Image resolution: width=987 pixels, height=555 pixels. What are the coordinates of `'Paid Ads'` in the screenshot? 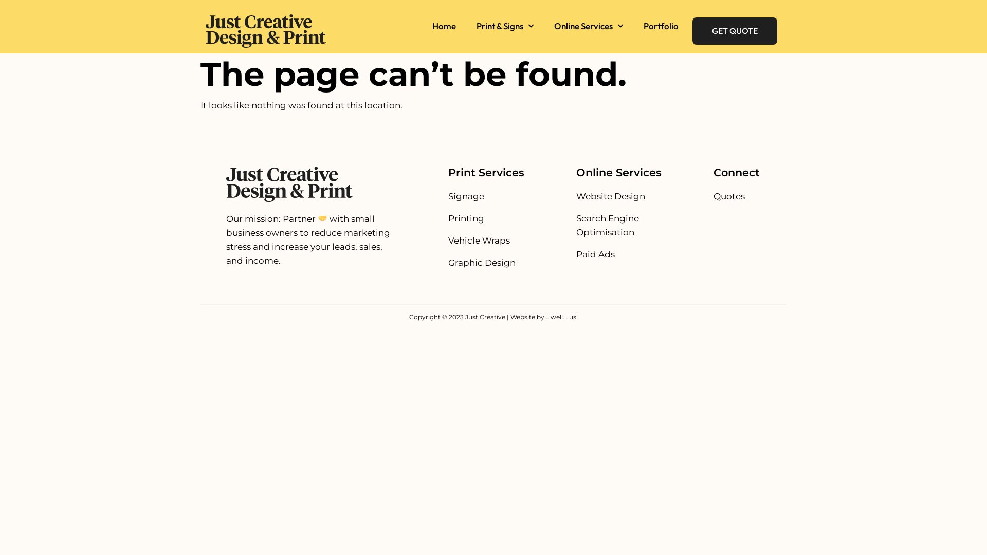 It's located at (618, 254).